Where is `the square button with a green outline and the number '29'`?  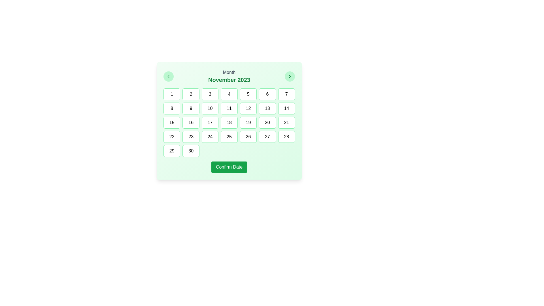
the square button with a green outline and the number '29' is located at coordinates (171, 150).